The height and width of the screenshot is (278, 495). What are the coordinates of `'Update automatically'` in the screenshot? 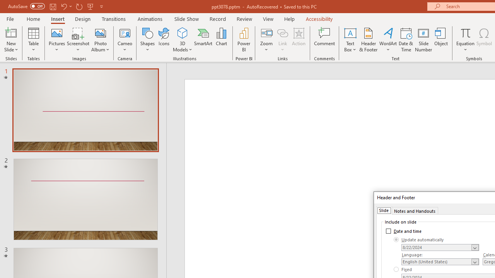 It's located at (418, 239).